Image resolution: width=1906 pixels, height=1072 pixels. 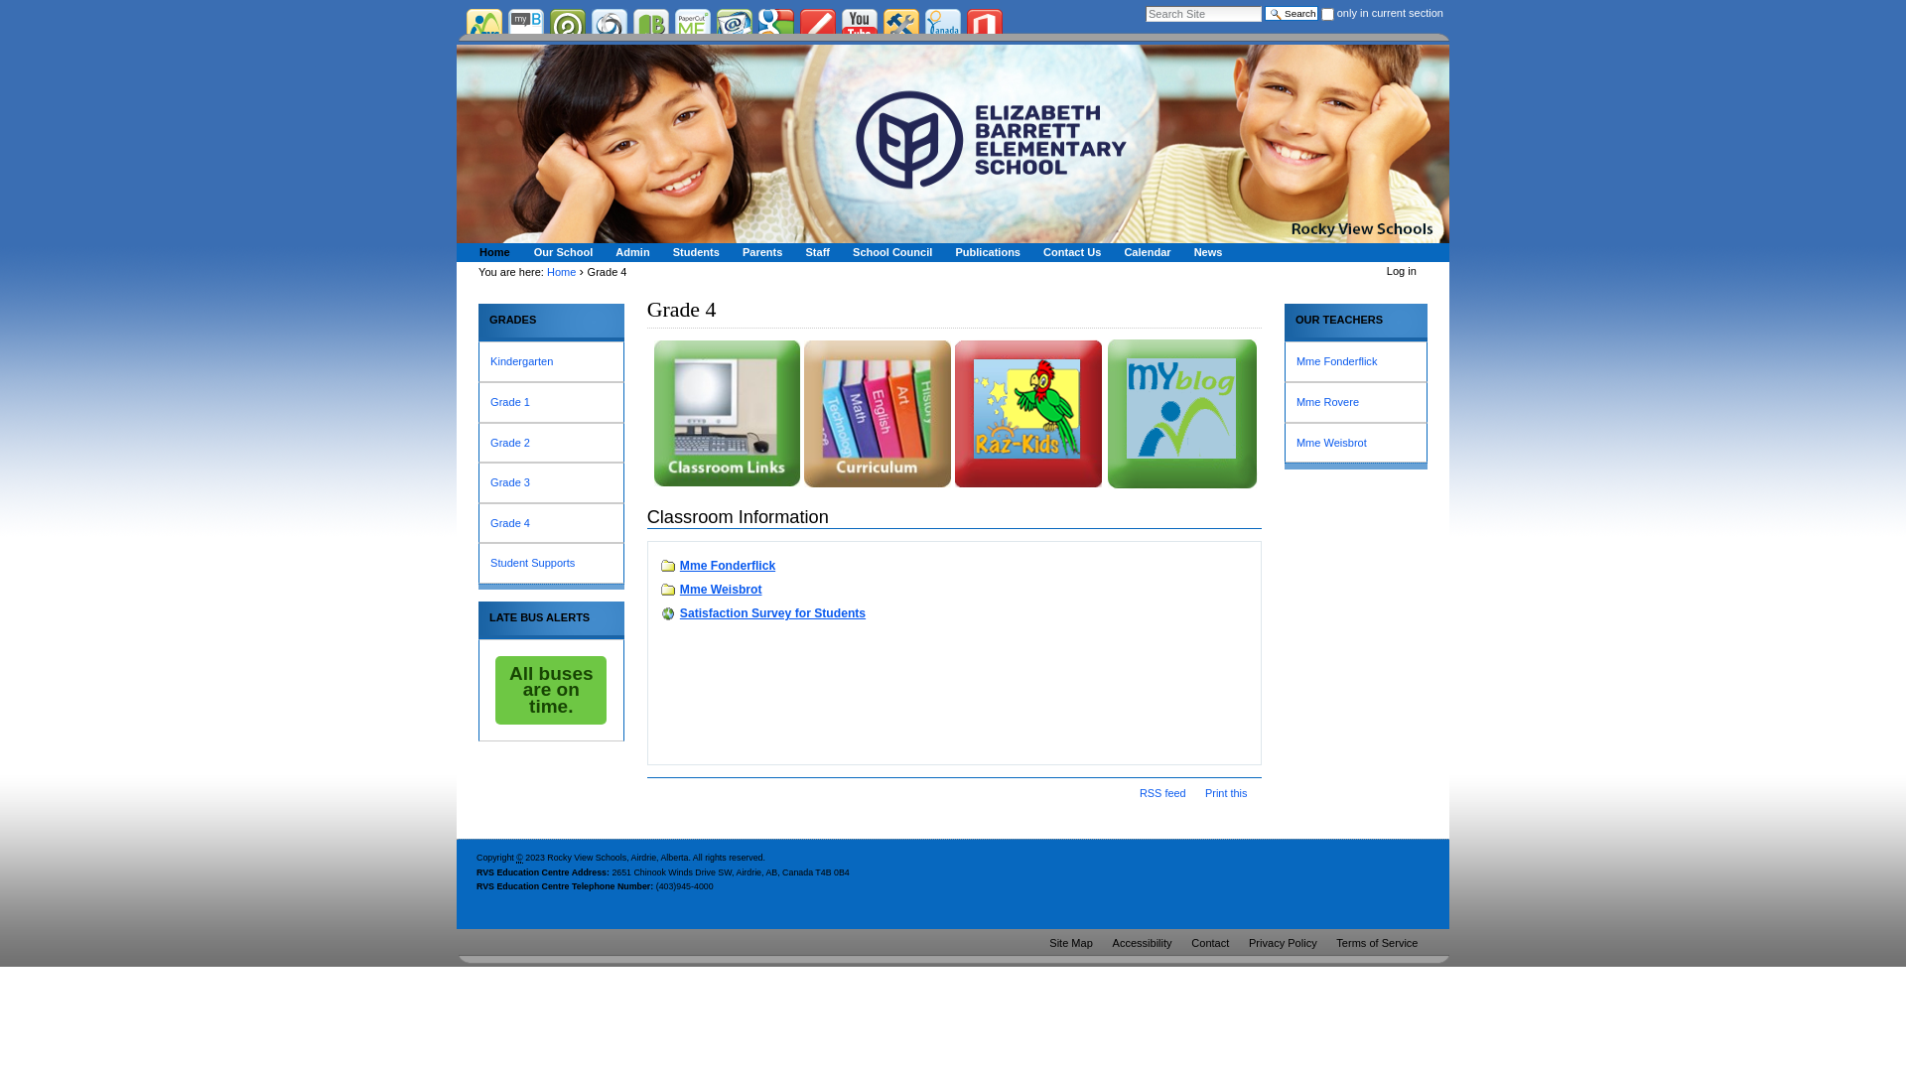 What do you see at coordinates (942, 251) in the screenshot?
I see `'Publications'` at bounding box center [942, 251].